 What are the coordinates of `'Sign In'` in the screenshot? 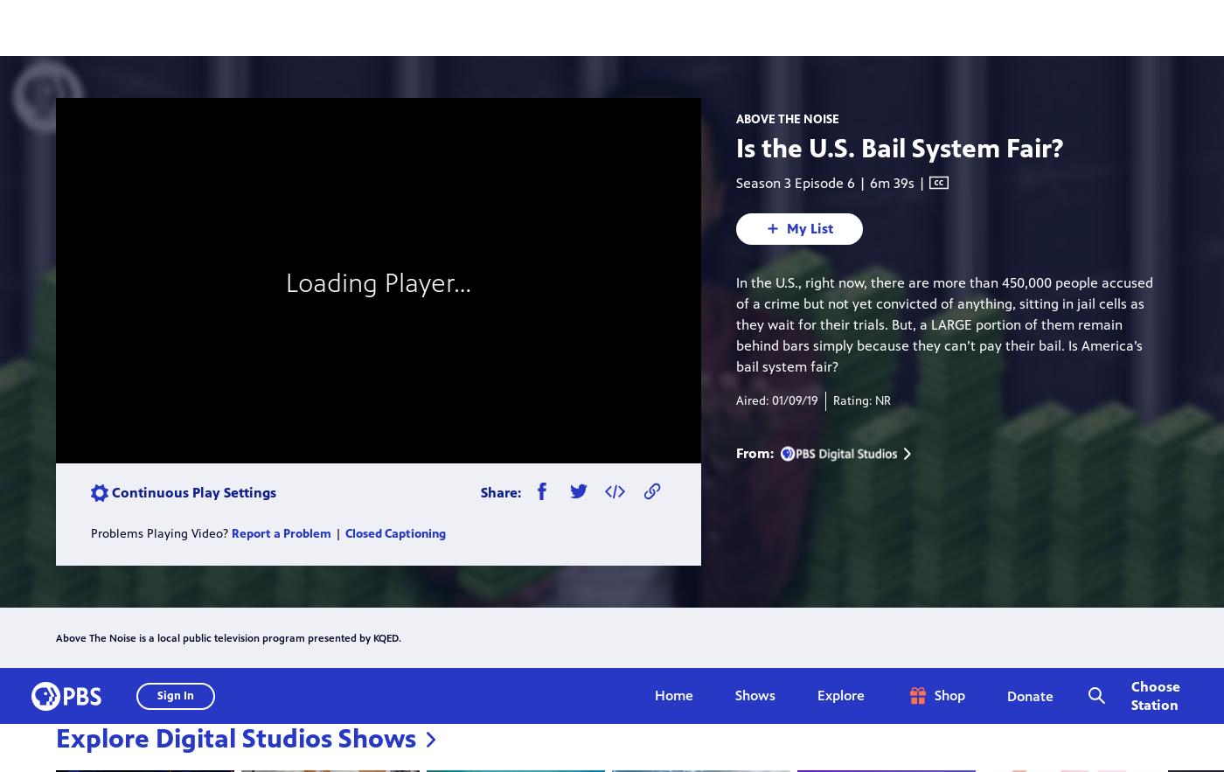 It's located at (176, 27).